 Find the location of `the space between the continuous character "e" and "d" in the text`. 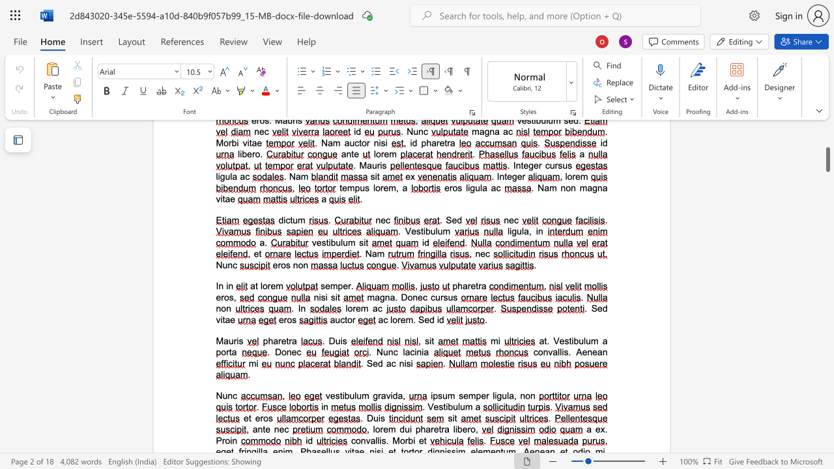

the space between the continuous character "e" and "d" in the text is located at coordinates (377, 363).